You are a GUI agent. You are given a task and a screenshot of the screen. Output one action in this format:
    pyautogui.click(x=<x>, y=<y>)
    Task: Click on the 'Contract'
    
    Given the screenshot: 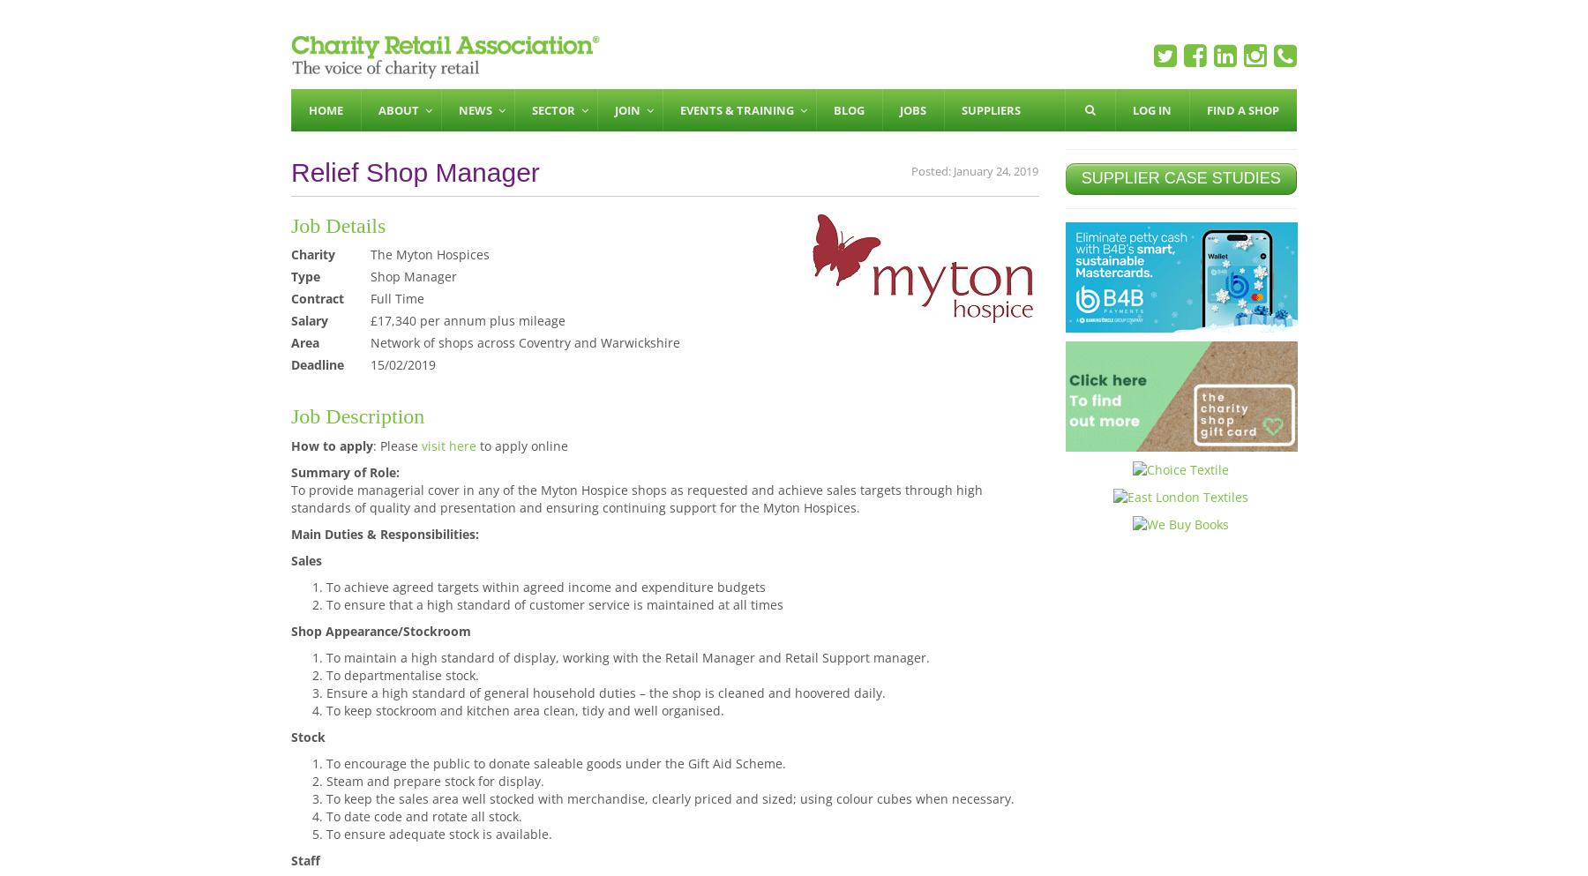 What is the action you would take?
    pyautogui.click(x=318, y=297)
    